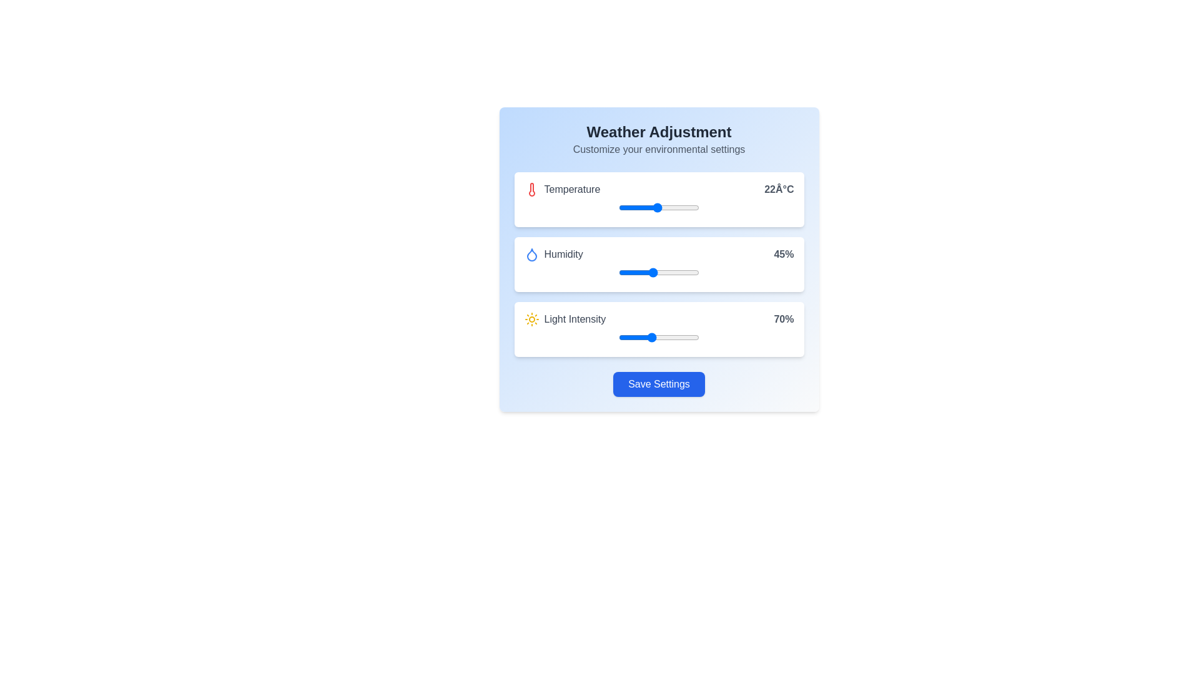 The height and width of the screenshot is (674, 1199). Describe the element at coordinates (618, 207) in the screenshot. I see `the temperature slider` at that location.